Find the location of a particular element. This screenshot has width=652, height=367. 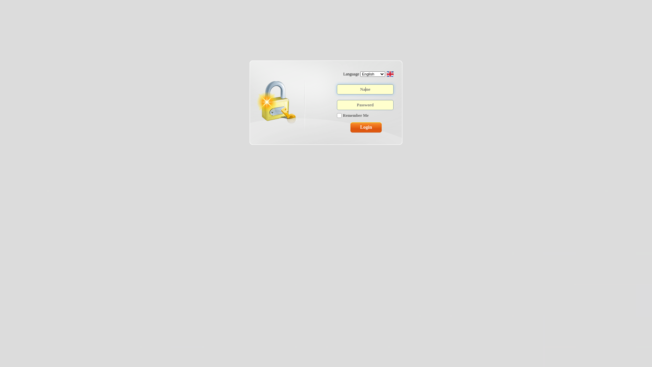

'Login' is located at coordinates (366, 127).